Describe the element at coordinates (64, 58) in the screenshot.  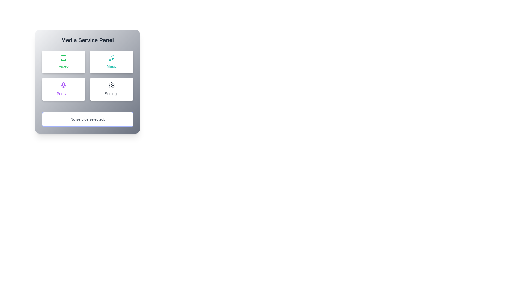
I see `the film strip icon with a green outline, located at the top-left of the 'Video' grid, above the text 'Video'` at that location.